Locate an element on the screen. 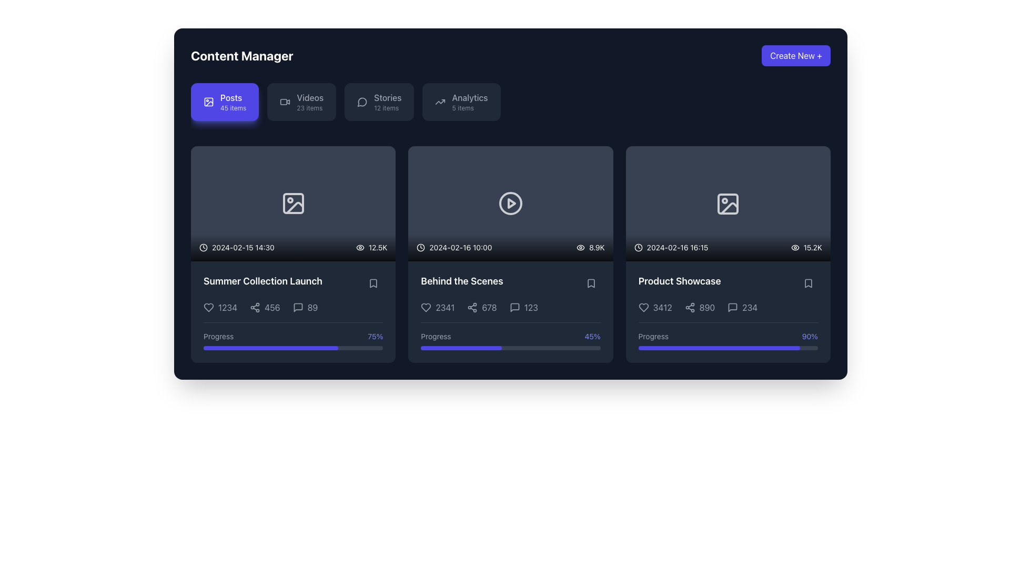  the eye icon representing visibility, which is located beside the '8.9K' metric text within the 'Behind the Scenes' card is located at coordinates (580, 247).